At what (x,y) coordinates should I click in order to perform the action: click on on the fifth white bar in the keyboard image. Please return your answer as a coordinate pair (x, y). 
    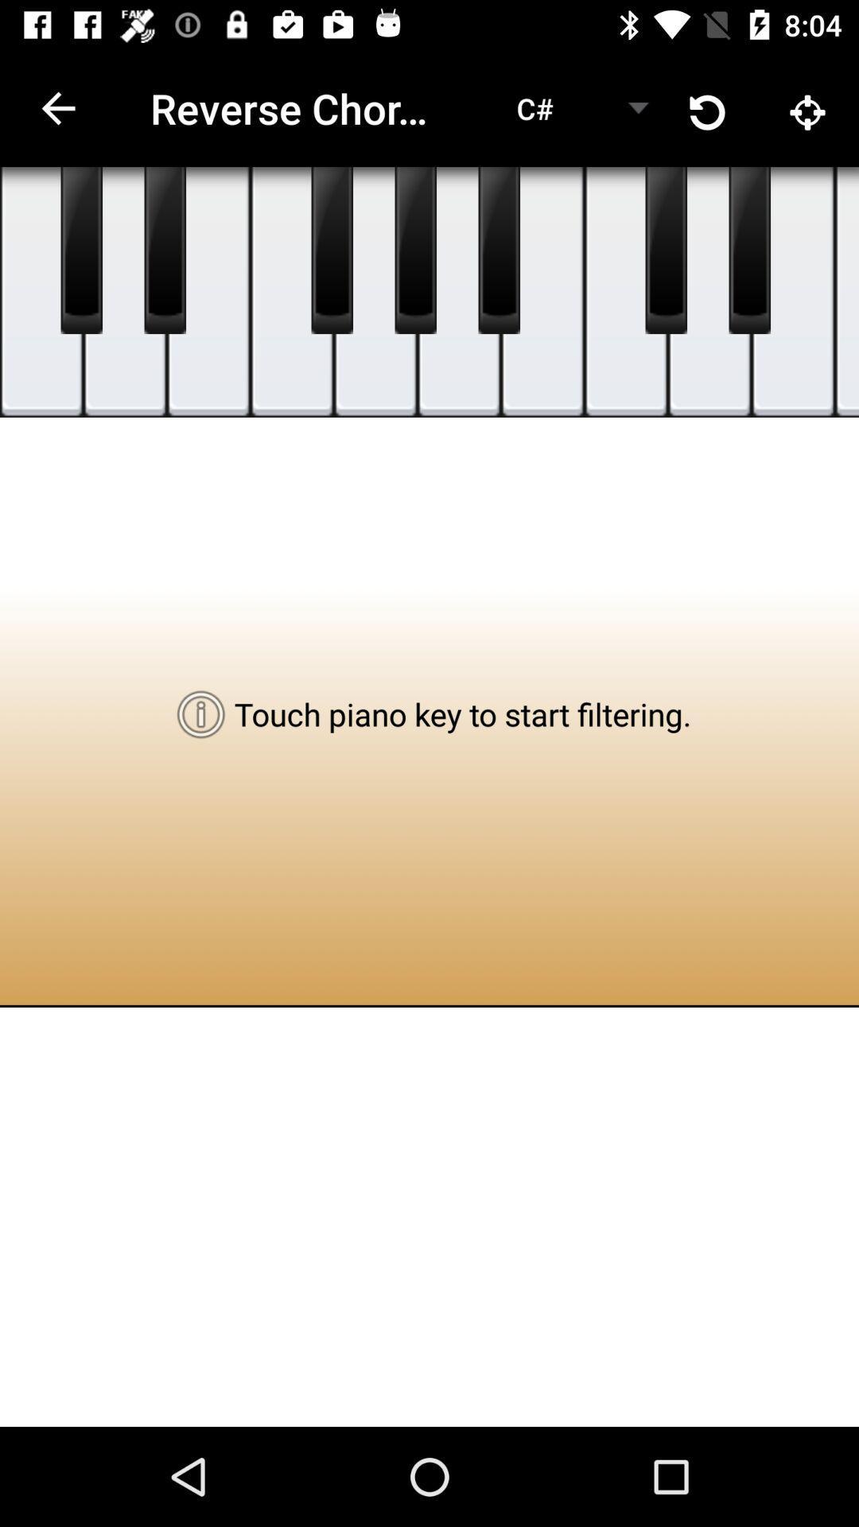
    Looking at the image, I should click on (375, 292).